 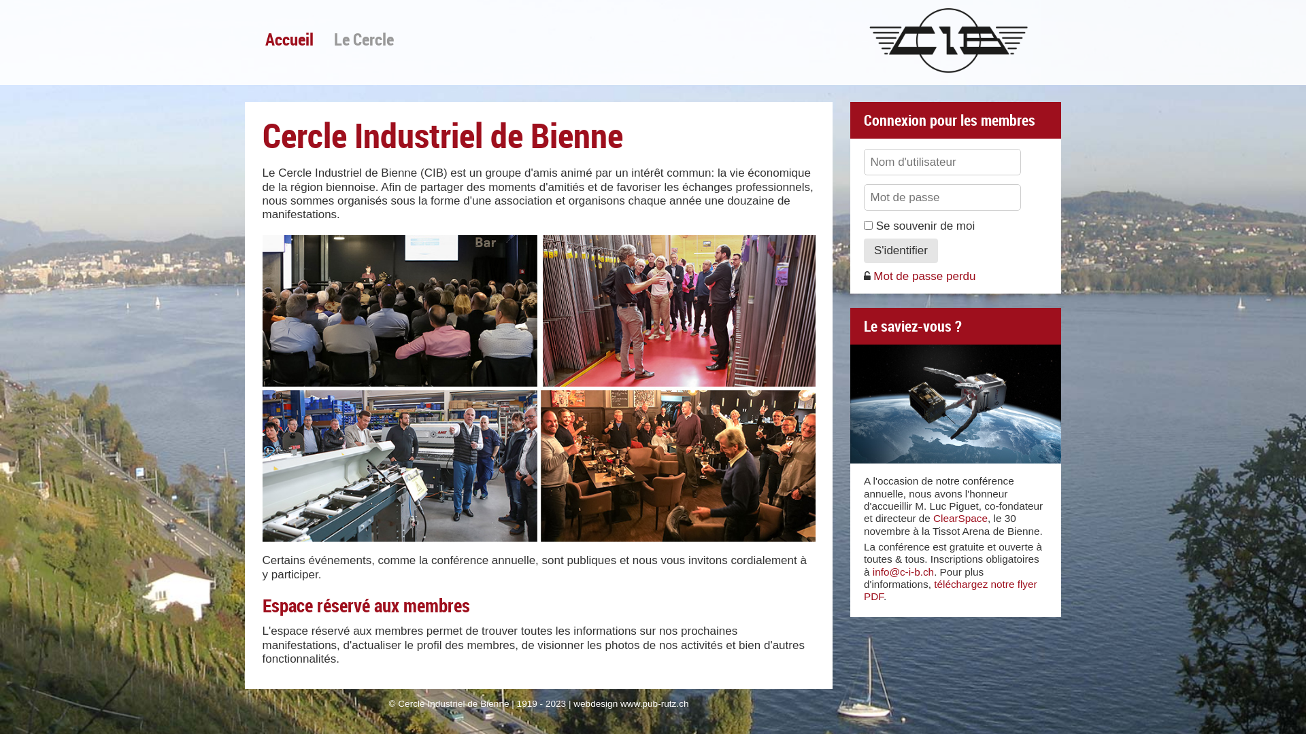 I want to click on 'ClearSpace', so click(x=959, y=518).